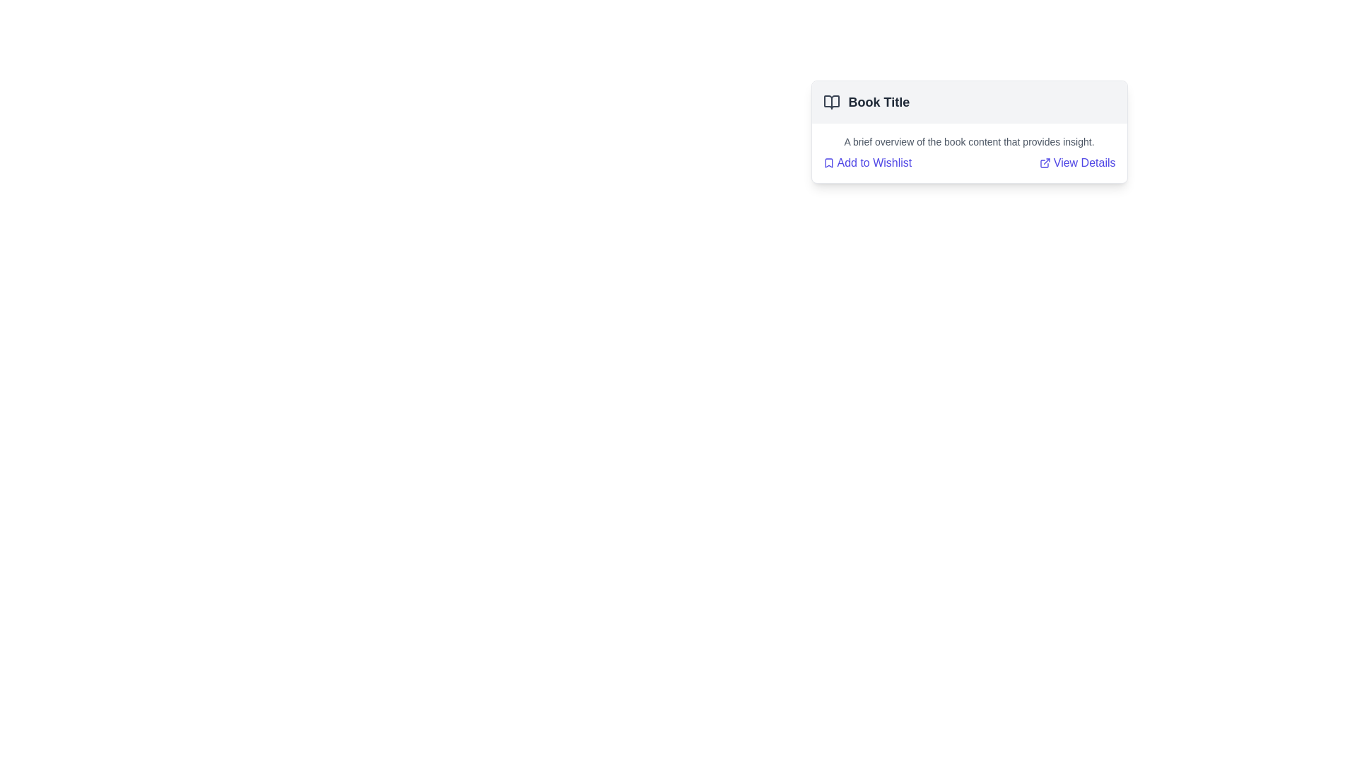 The height and width of the screenshot is (763, 1357). Describe the element at coordinates (828, 162) in the screenshot. I see `the bookmark icon located at the top-left corner of the card, beside the title text 'Book Title'` at that location.